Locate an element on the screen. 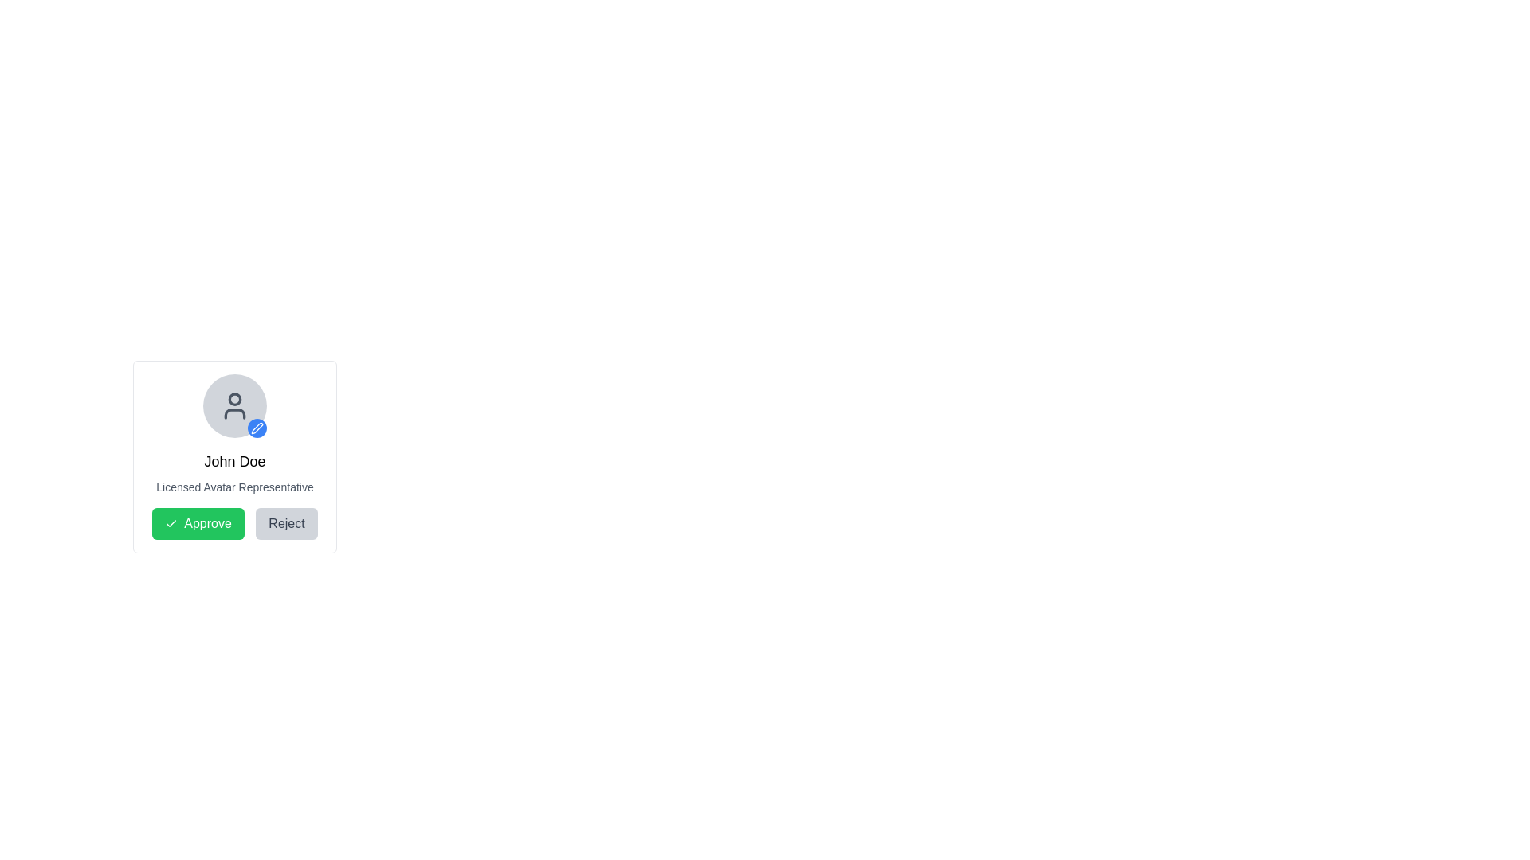 Image resolution: width=1530 pixels, height=860 pixels. the user avatar icon, which is centered inside a gray circular area above the text 'John Doe' is located at coordinates (233, 405).